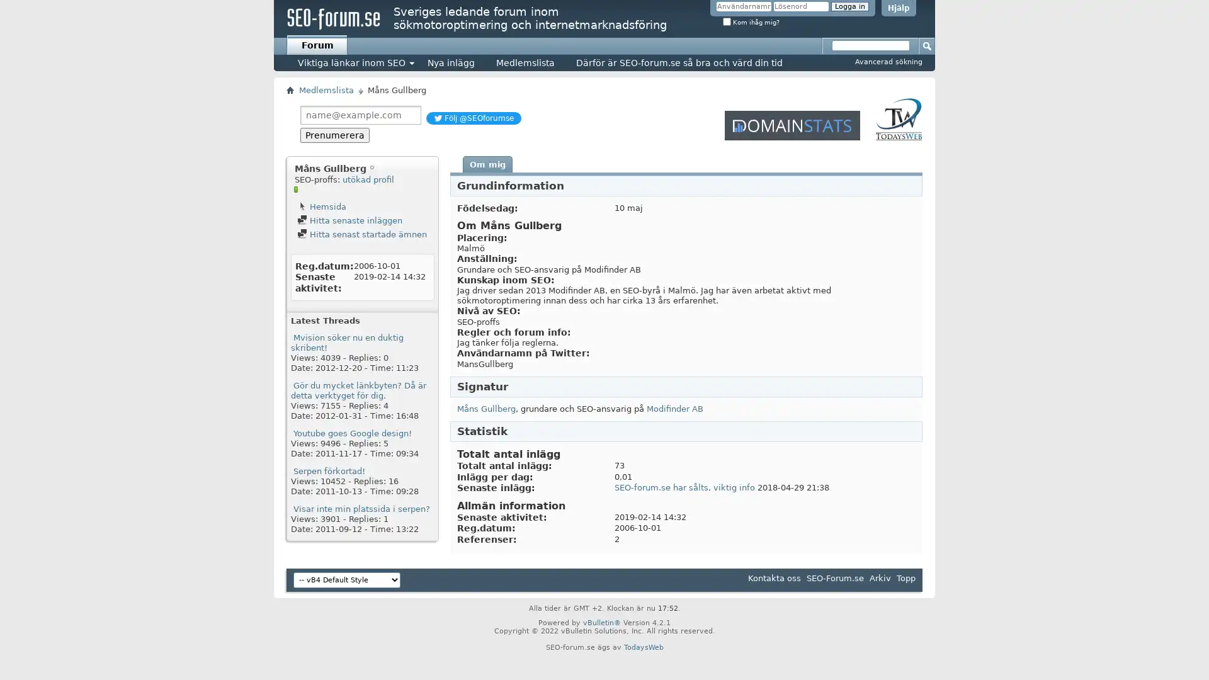 This screenshot has height=680, width=1209. Describe the element at coordinates (849, 6) in the screenshot. I see `Logga in` at that location.